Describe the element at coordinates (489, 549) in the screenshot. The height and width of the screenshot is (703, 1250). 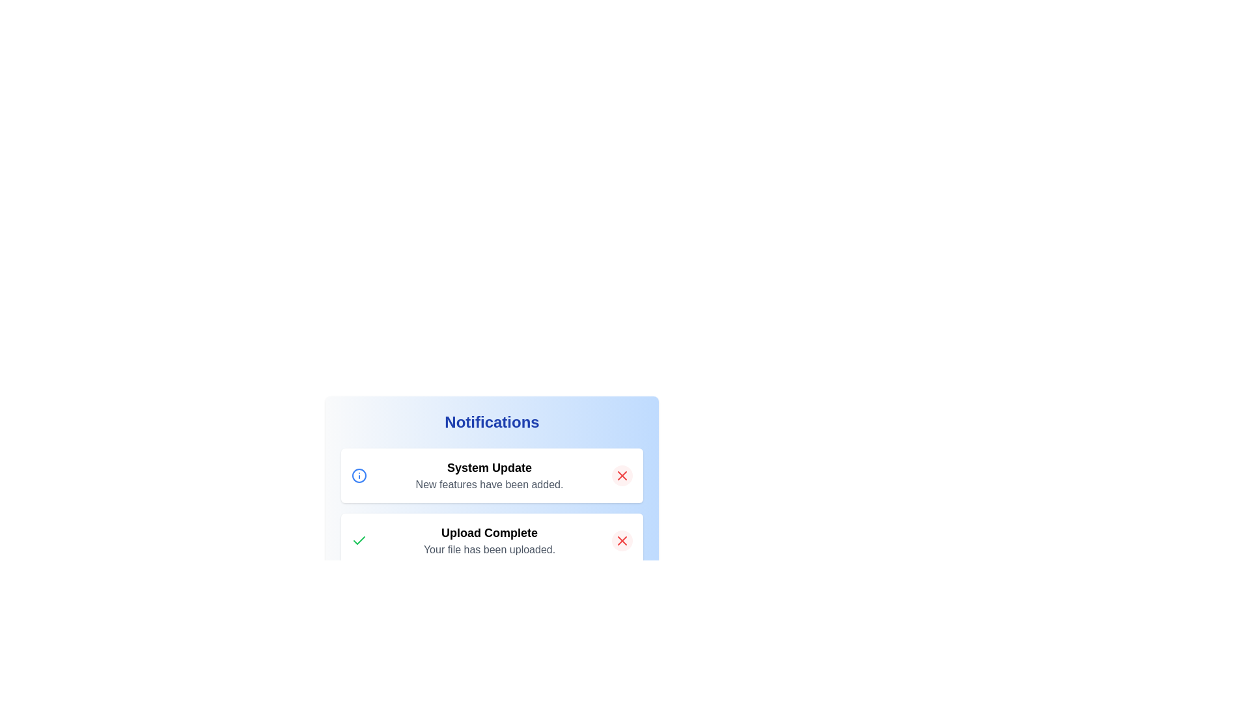
I see `static text confirming that the file upload has been completed successfully, located below the title 'Upload Complete' in the notification box` at that location.